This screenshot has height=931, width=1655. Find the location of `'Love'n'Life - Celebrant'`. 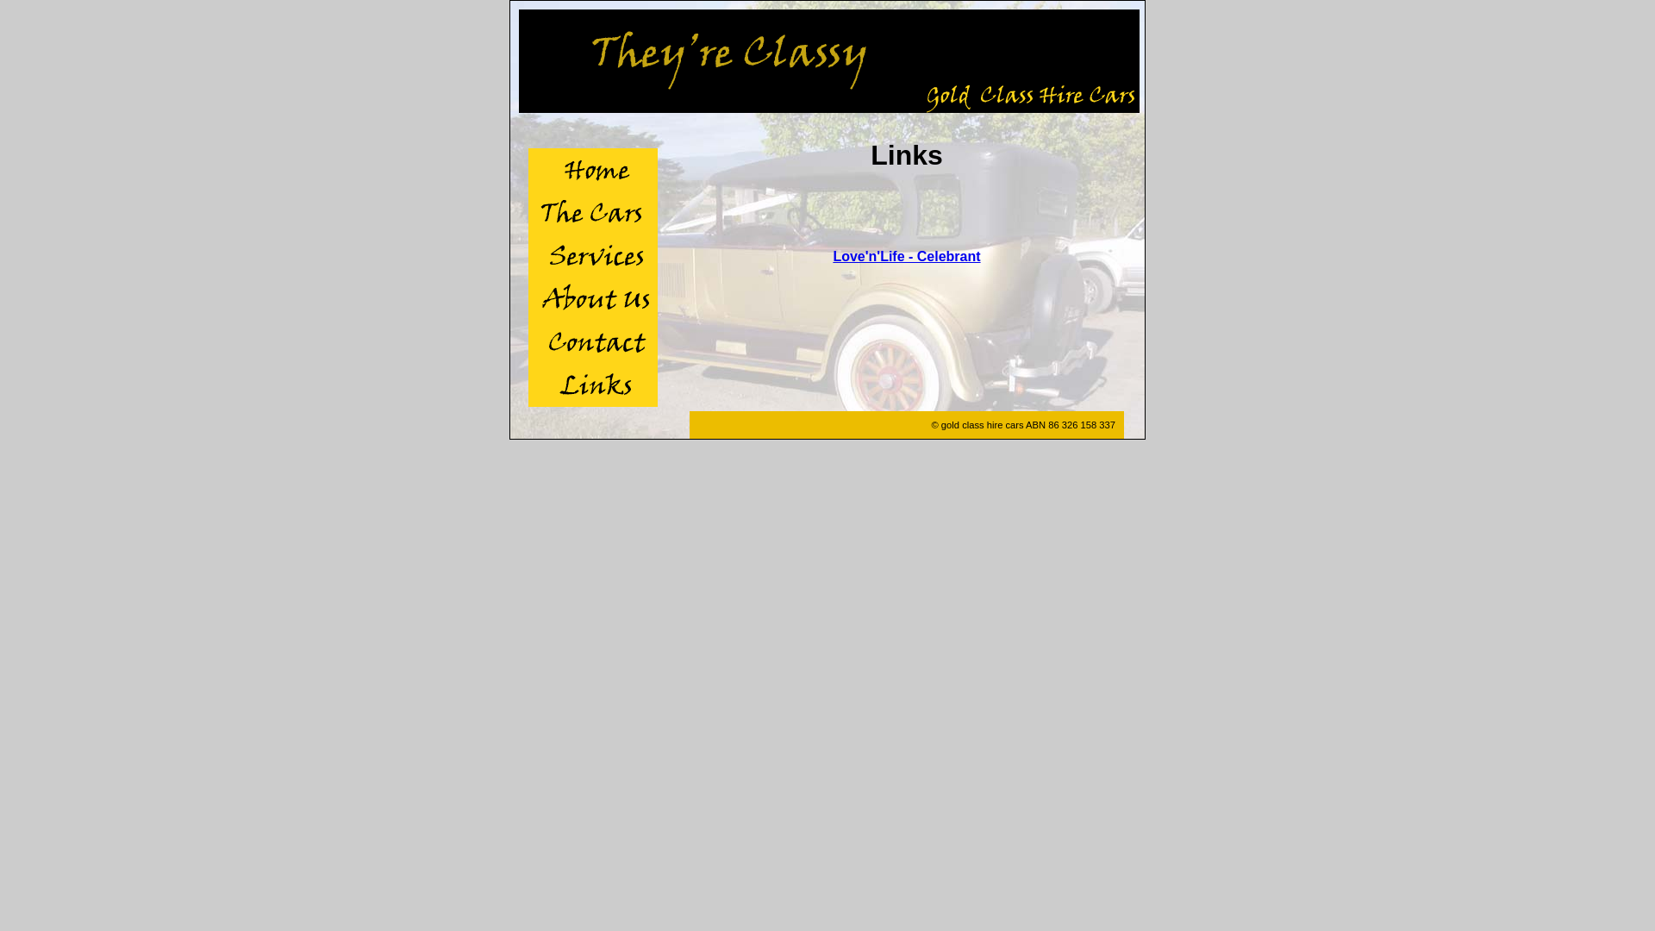

'Love'n'Life - Celebrant' is located at coordinates (905, 256).